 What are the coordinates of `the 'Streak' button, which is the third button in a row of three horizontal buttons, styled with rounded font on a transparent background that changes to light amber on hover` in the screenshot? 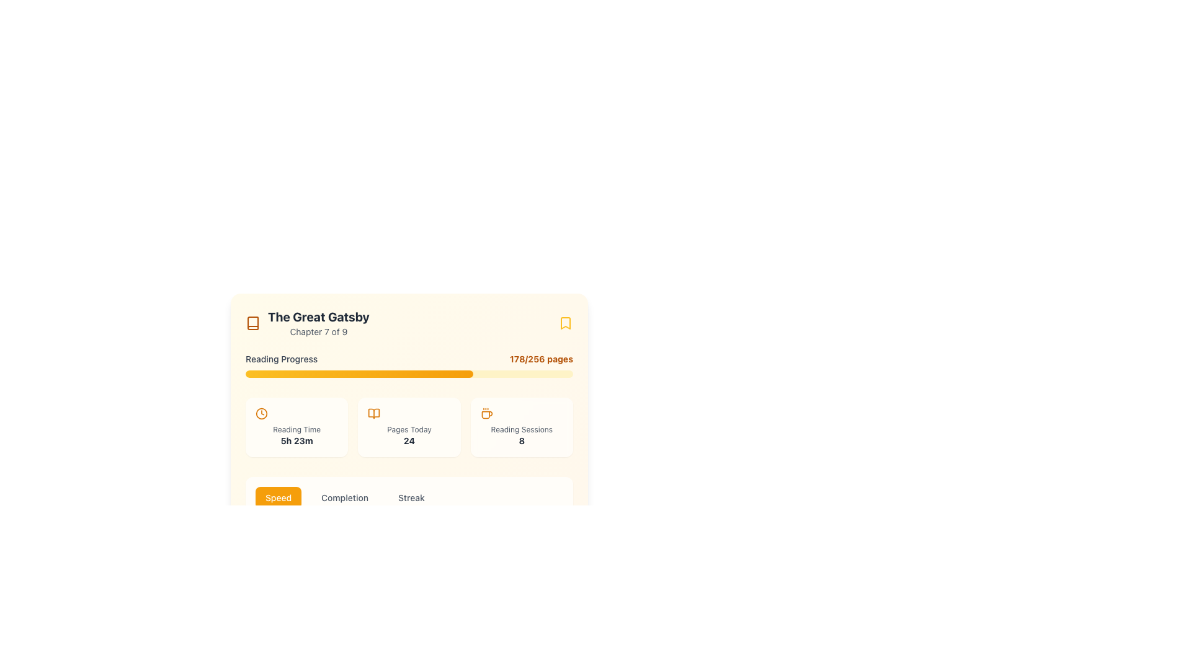 It's located at (411, 497).